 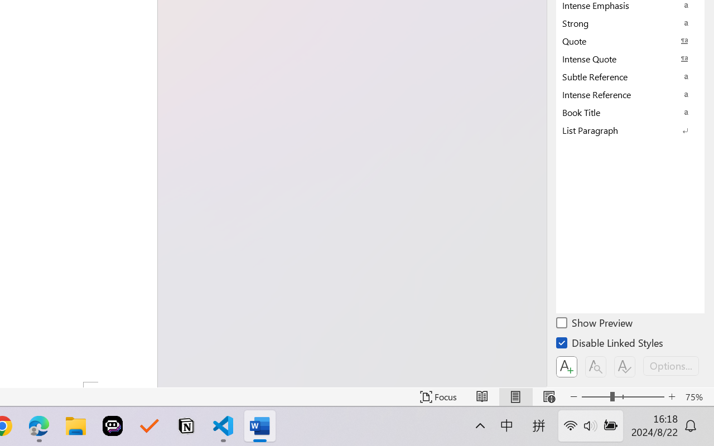 What do you see at coordinates (630, 112) in the screenshot?
I see `'Book Title'` at bounding box center [630, 112].